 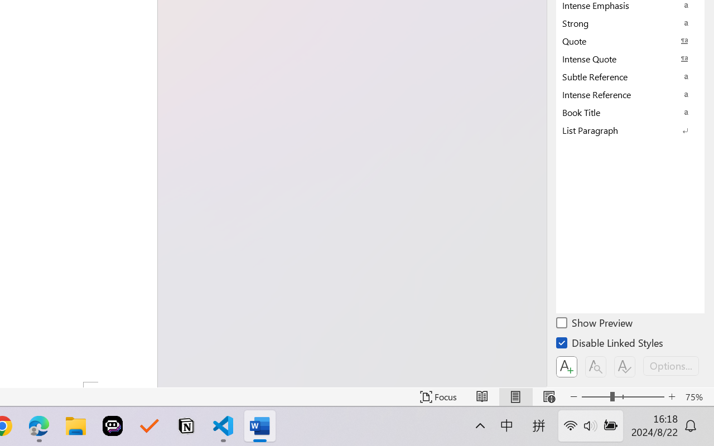 What do you see at coordinates (630, 112) in the screenshot?
I see `'Book Title'` at bounding box center [630, 112].